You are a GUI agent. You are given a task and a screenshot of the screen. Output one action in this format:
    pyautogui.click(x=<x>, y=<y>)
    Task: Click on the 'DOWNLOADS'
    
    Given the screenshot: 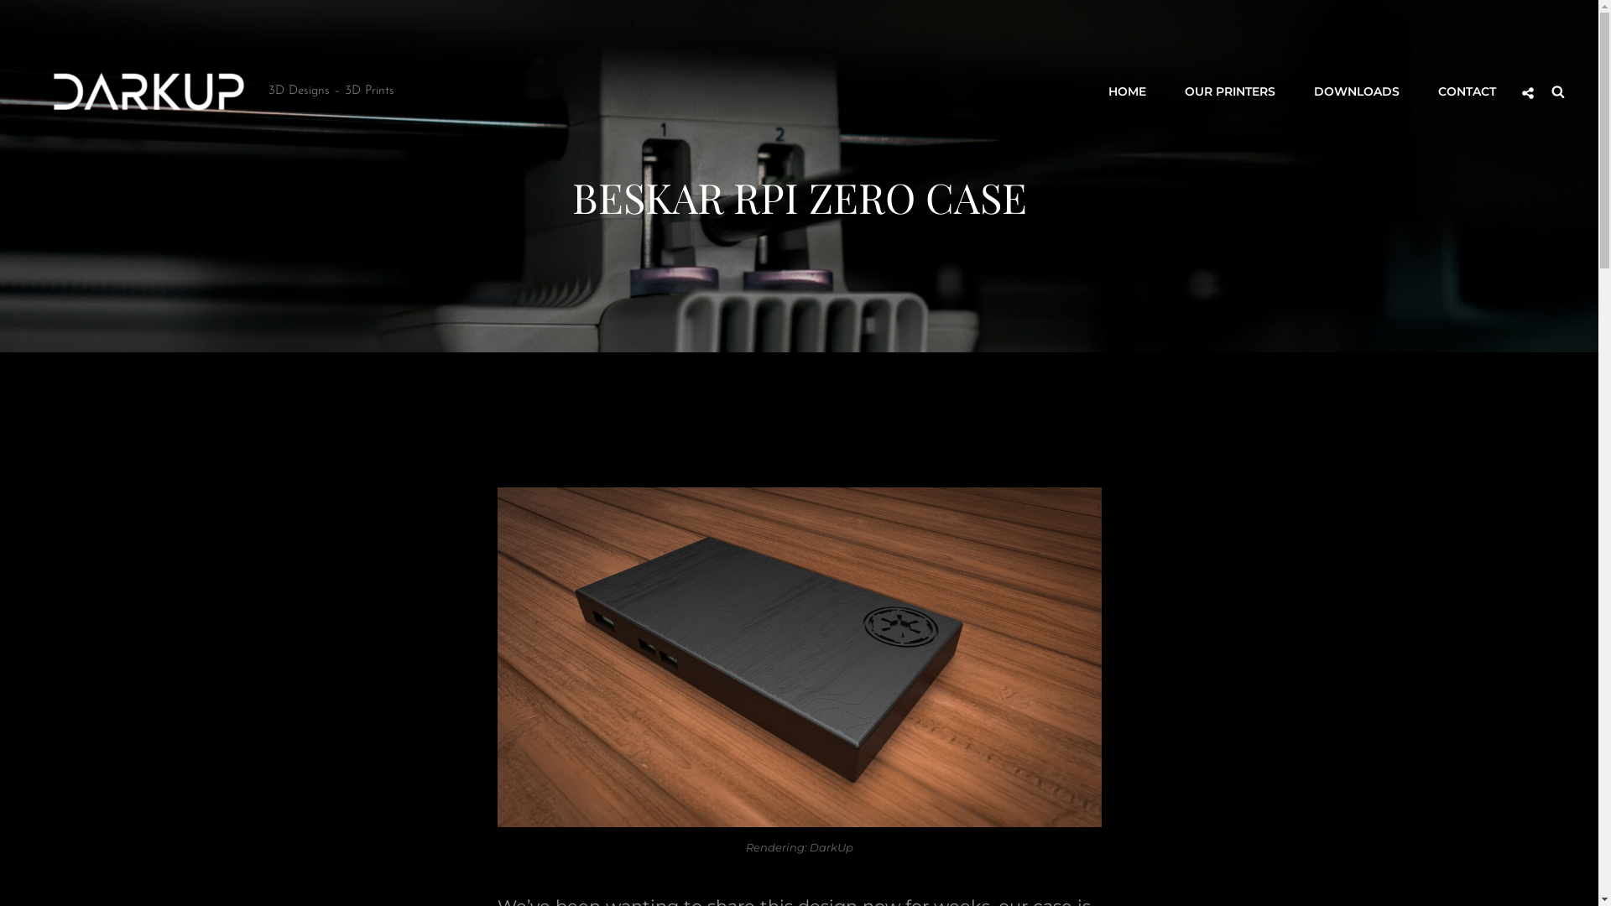 What is the action you would take?
    pyautogui.click(x=1357, y=91)
    